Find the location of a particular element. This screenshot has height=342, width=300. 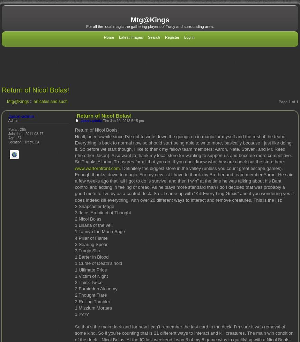

'3 Searing Spear' is located at coordinates (74, 244).